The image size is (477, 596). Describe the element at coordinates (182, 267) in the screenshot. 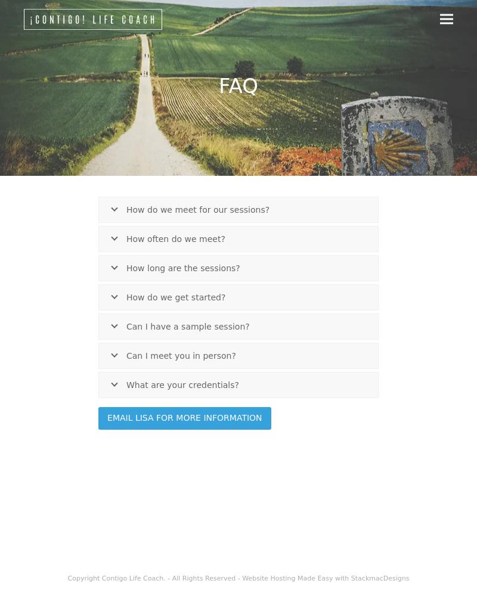

I see `'How long are the sessions?'` at that location.